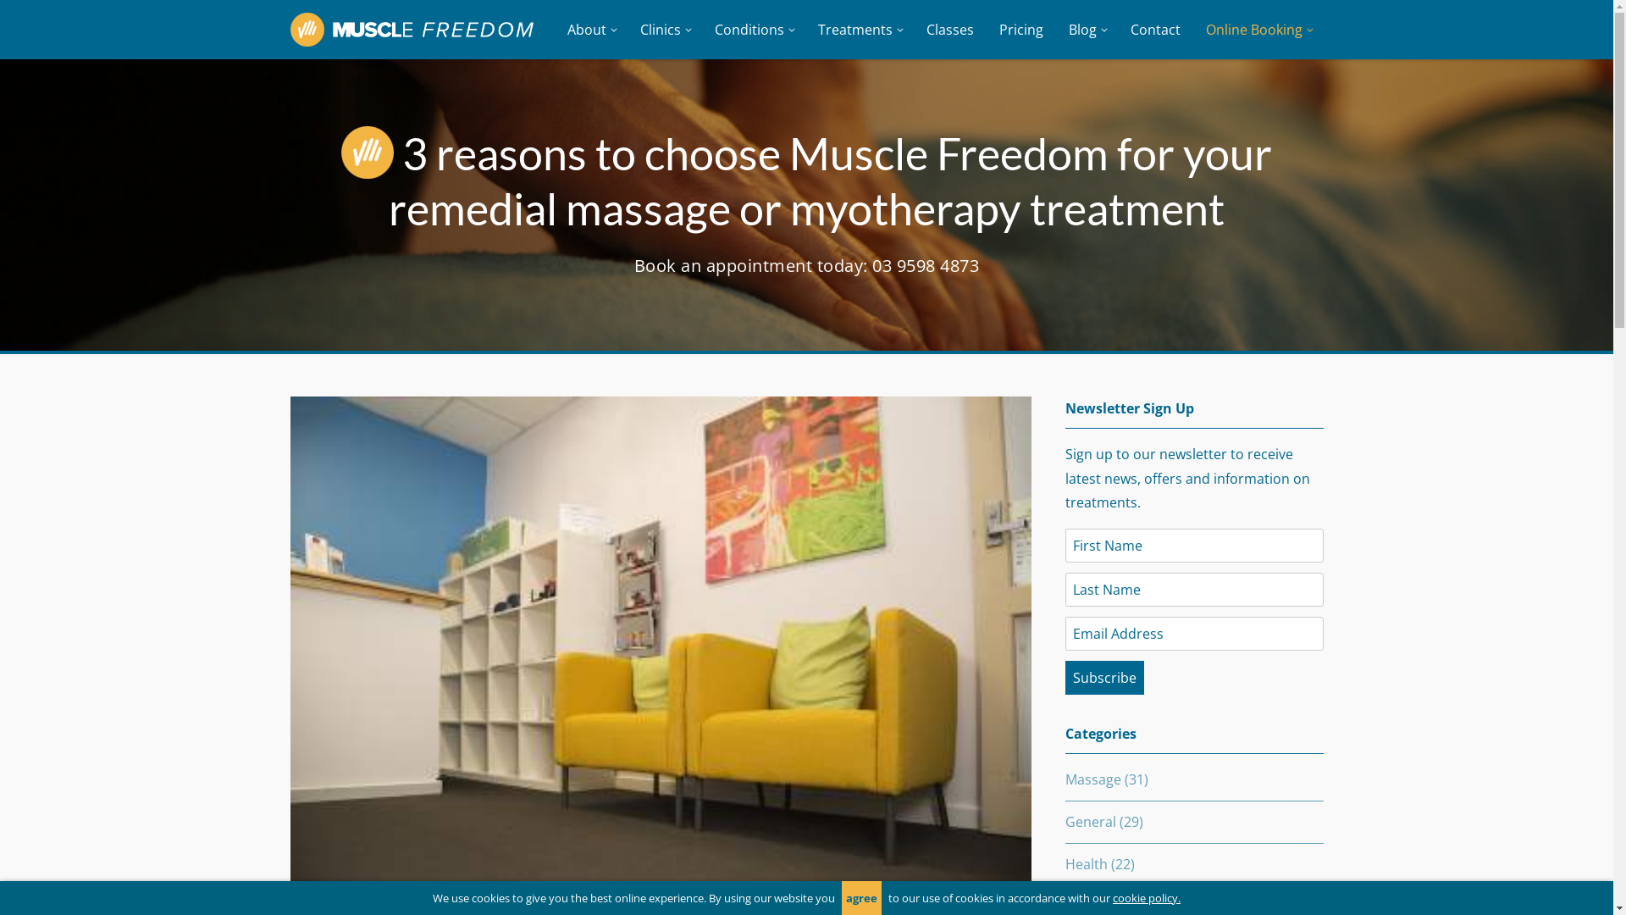 This screenshot has width=1626, height=915. I want to click on 'Contact', so click(1154, 29).